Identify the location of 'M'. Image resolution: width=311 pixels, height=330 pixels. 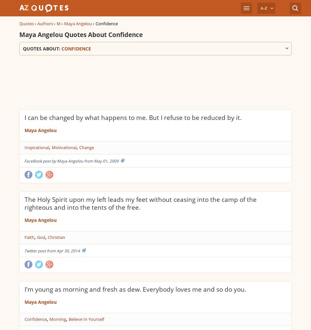
(56, 24).